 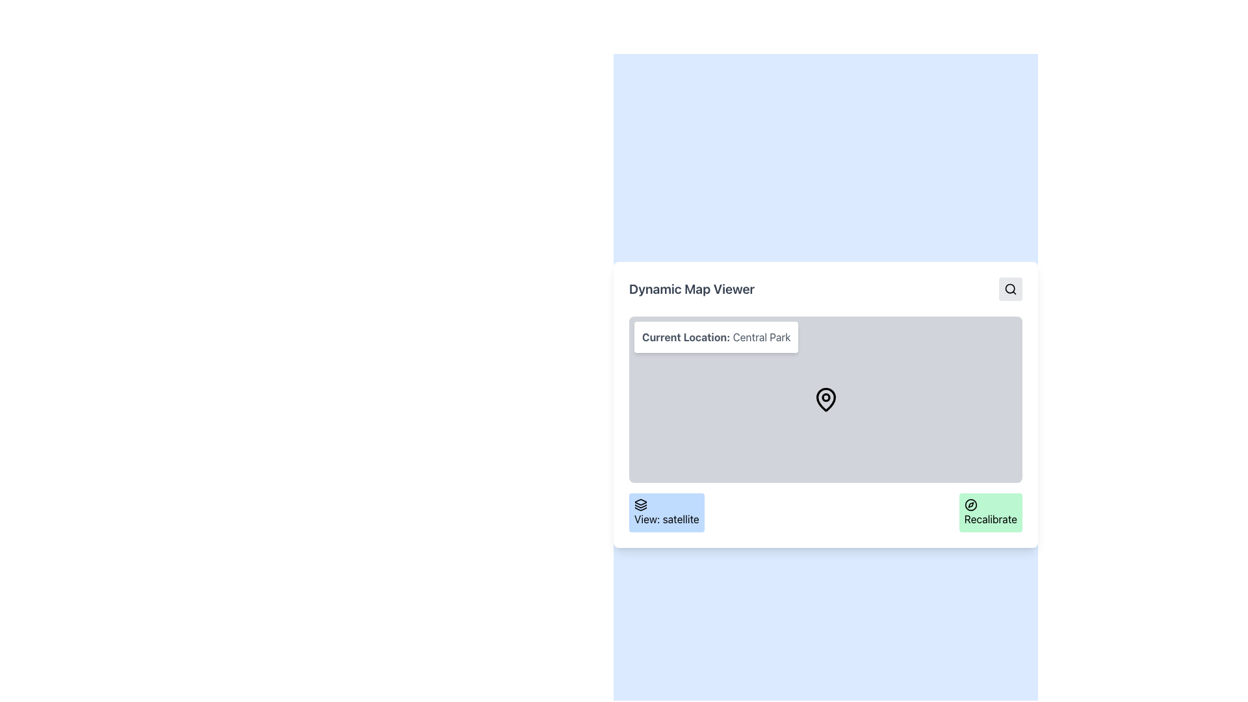 What do you see at coordinates (825, 398) in the screenshot?
I see `the pin icon symbolizing the location marker, which is centrally located within the map display area and below the label 'Current Location: Central Park.'` at bounding box center [825, 398].